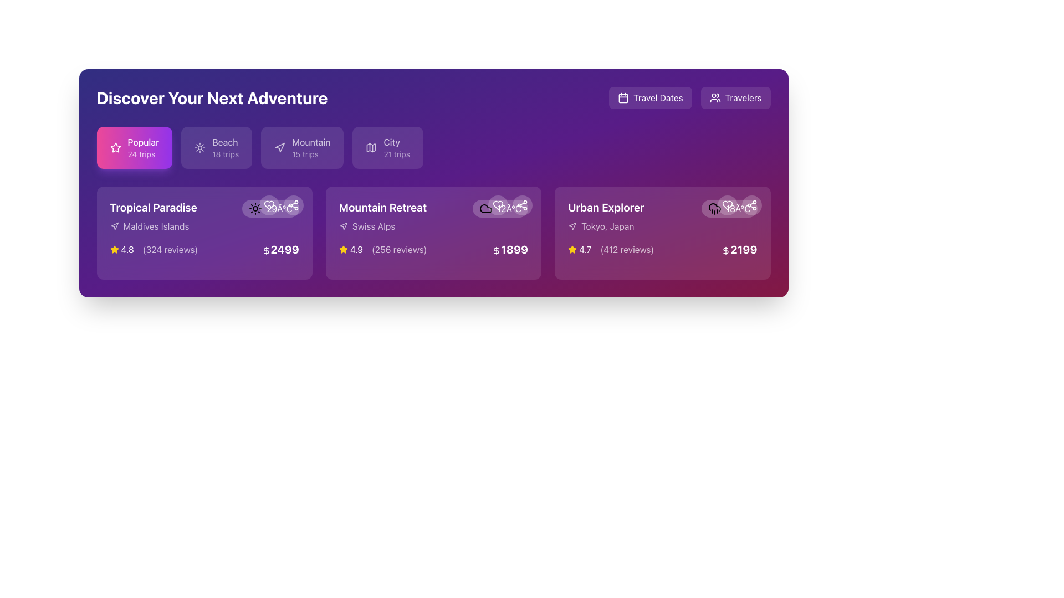 The width and height of the screenshot is (1064, 598). What do you see at coordinates (751, 205) in the screenshot?
I see `the interactive icon button, which is a stylized representation of three interconnected circular nodes outlined in white, located on the right side of the 'Urban Explorer' card` at bounding box center [751, 205].